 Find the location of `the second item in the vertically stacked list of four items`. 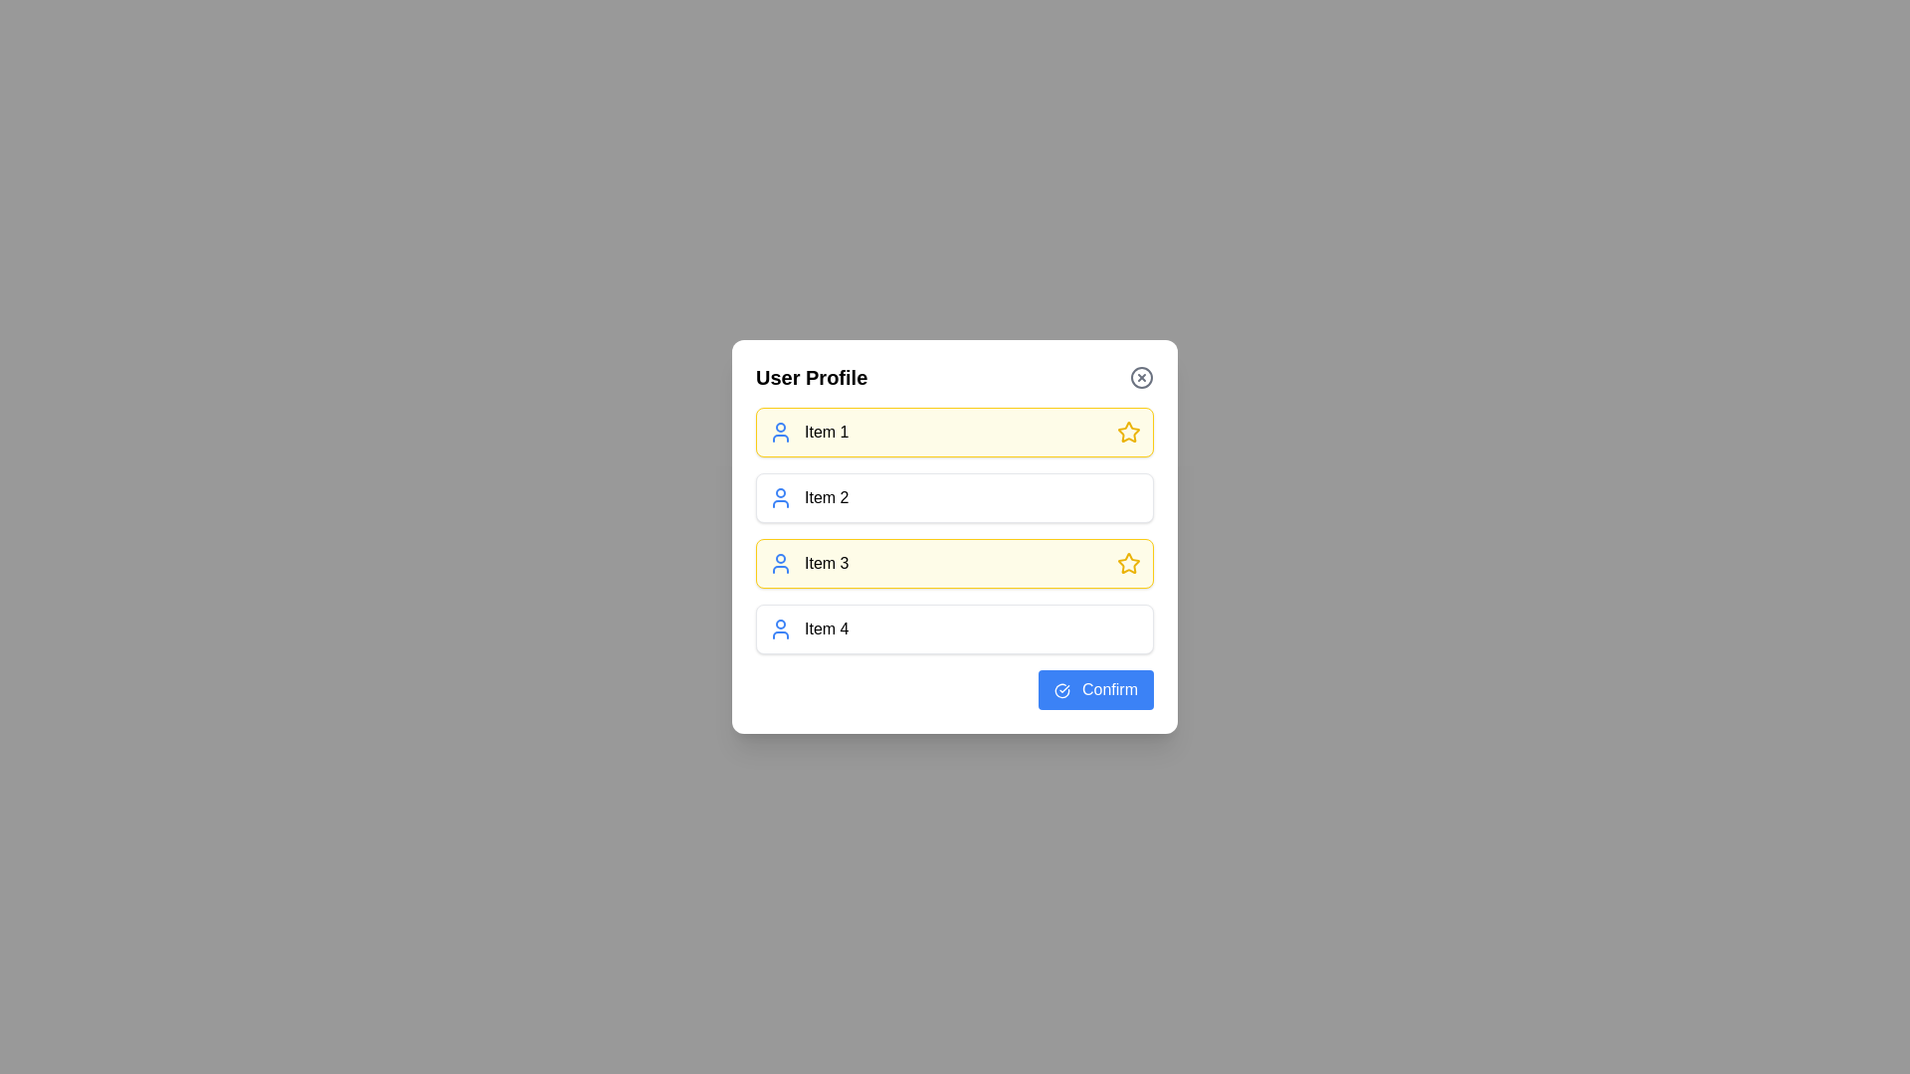

the second item in the vertically stacked list of four items is located at coordinates (955, 497).